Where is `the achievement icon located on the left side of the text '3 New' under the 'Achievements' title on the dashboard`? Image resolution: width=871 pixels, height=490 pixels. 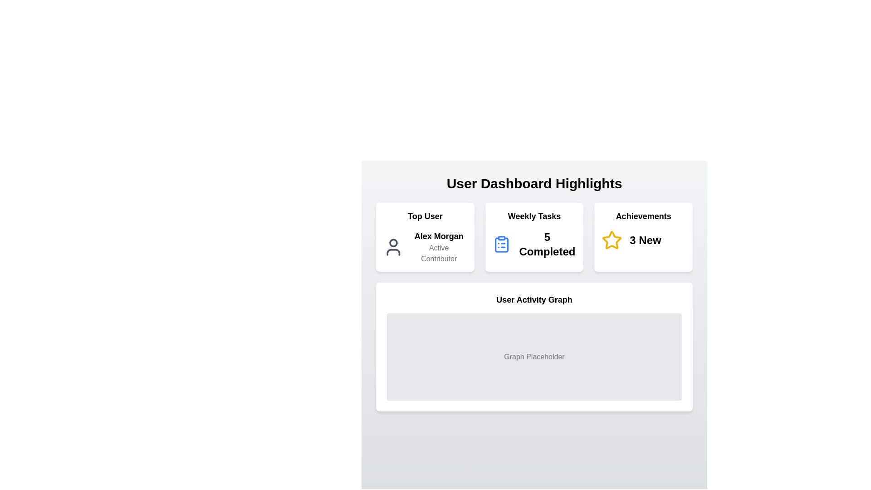 the achievement icon located on the left side of the text '3 New' under the 'Achievements' title on the dashboard is located at coordinates (612, 240).